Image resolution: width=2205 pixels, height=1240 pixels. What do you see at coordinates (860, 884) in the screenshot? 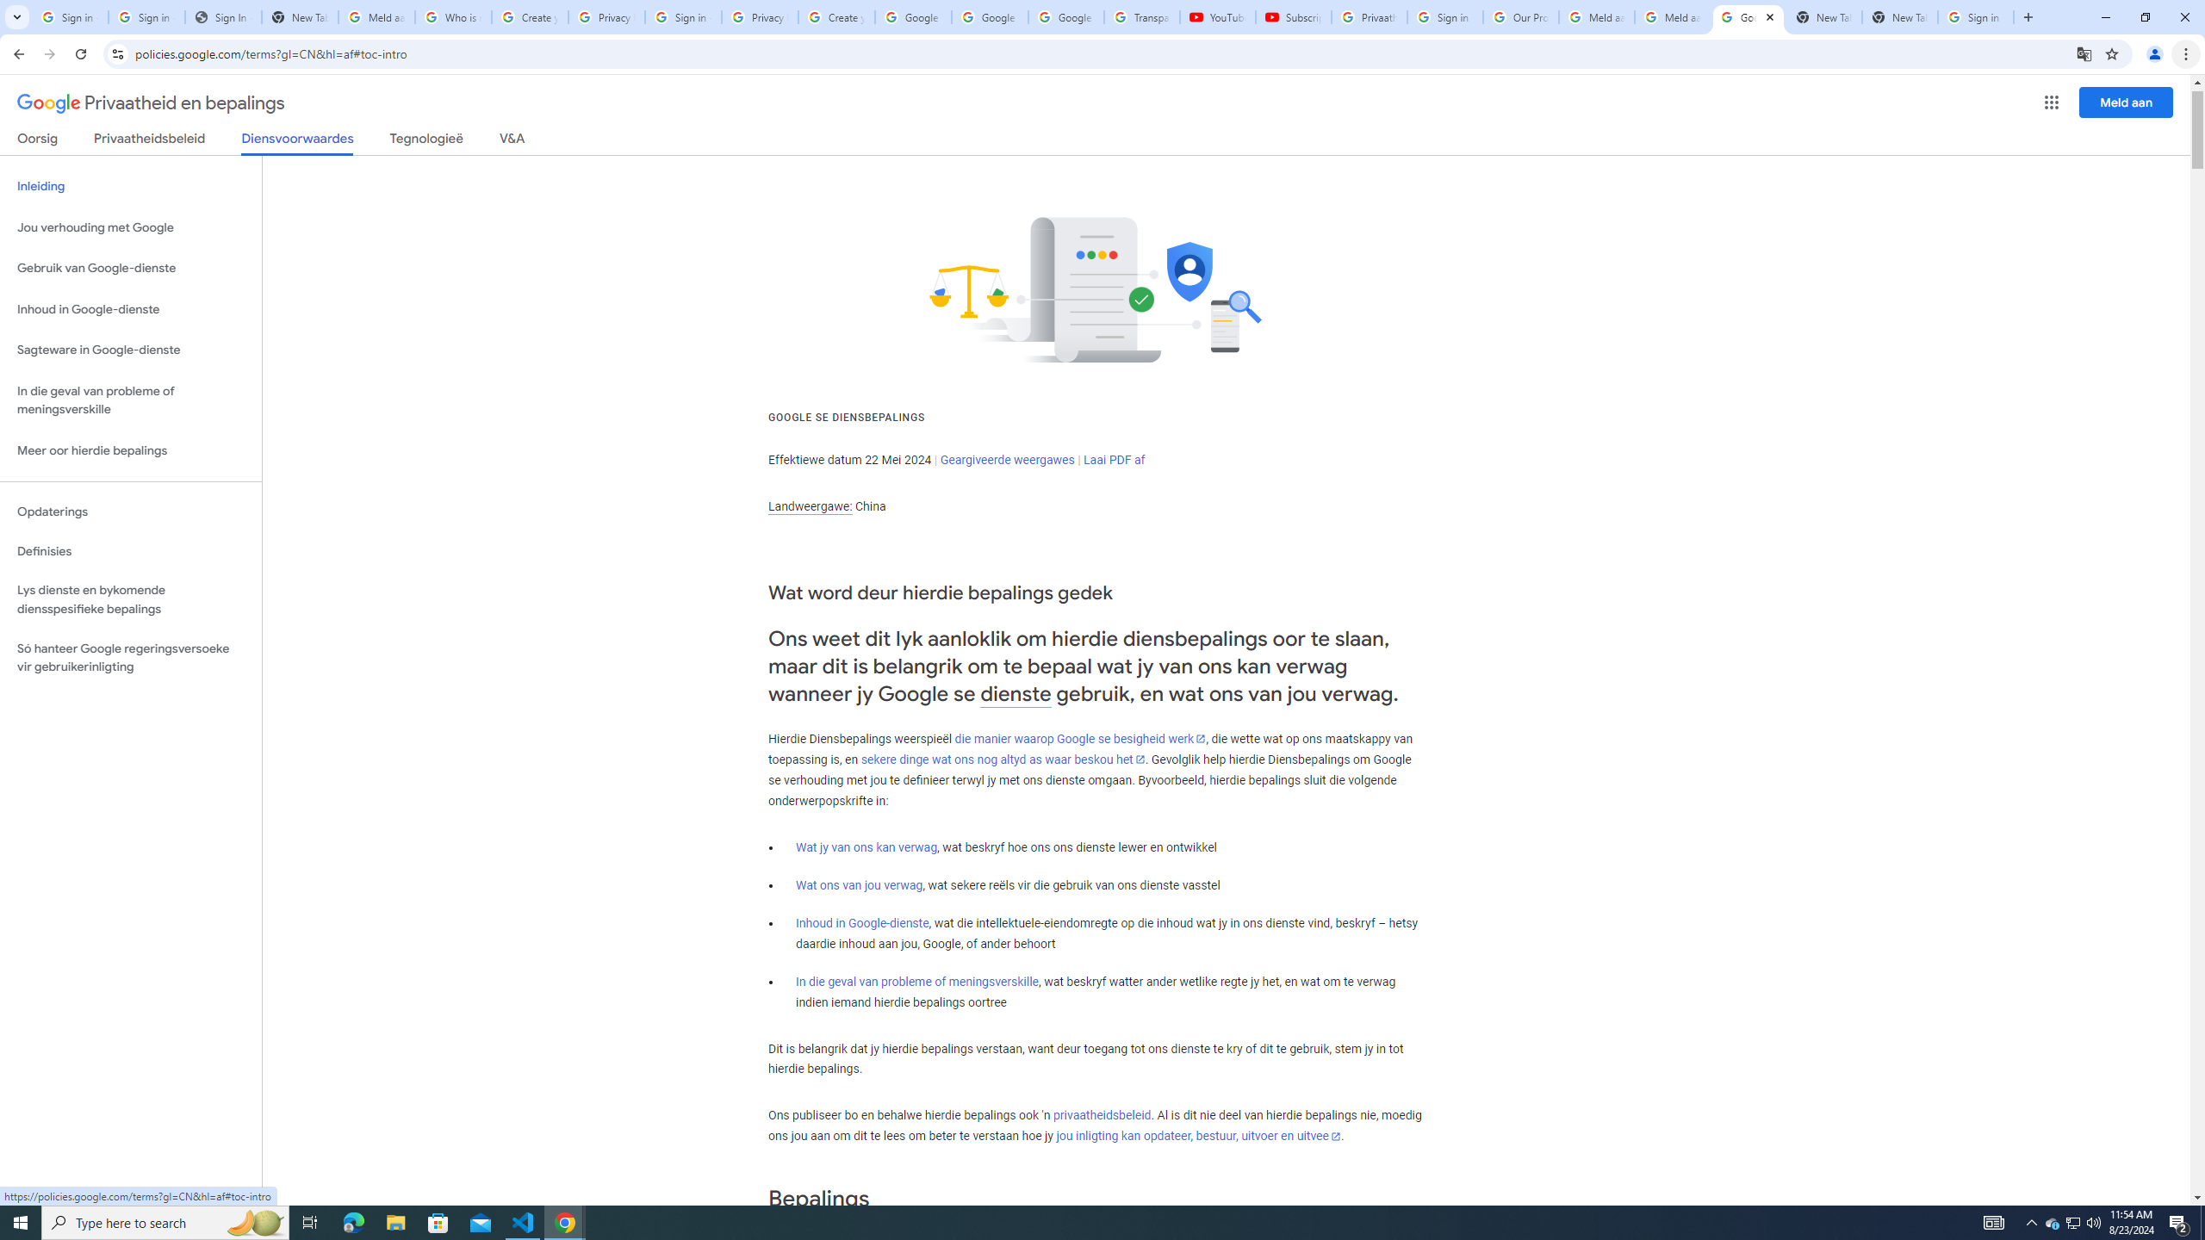
I see `'Wat ons van jou verwag'` at bounding box center [860, 884].